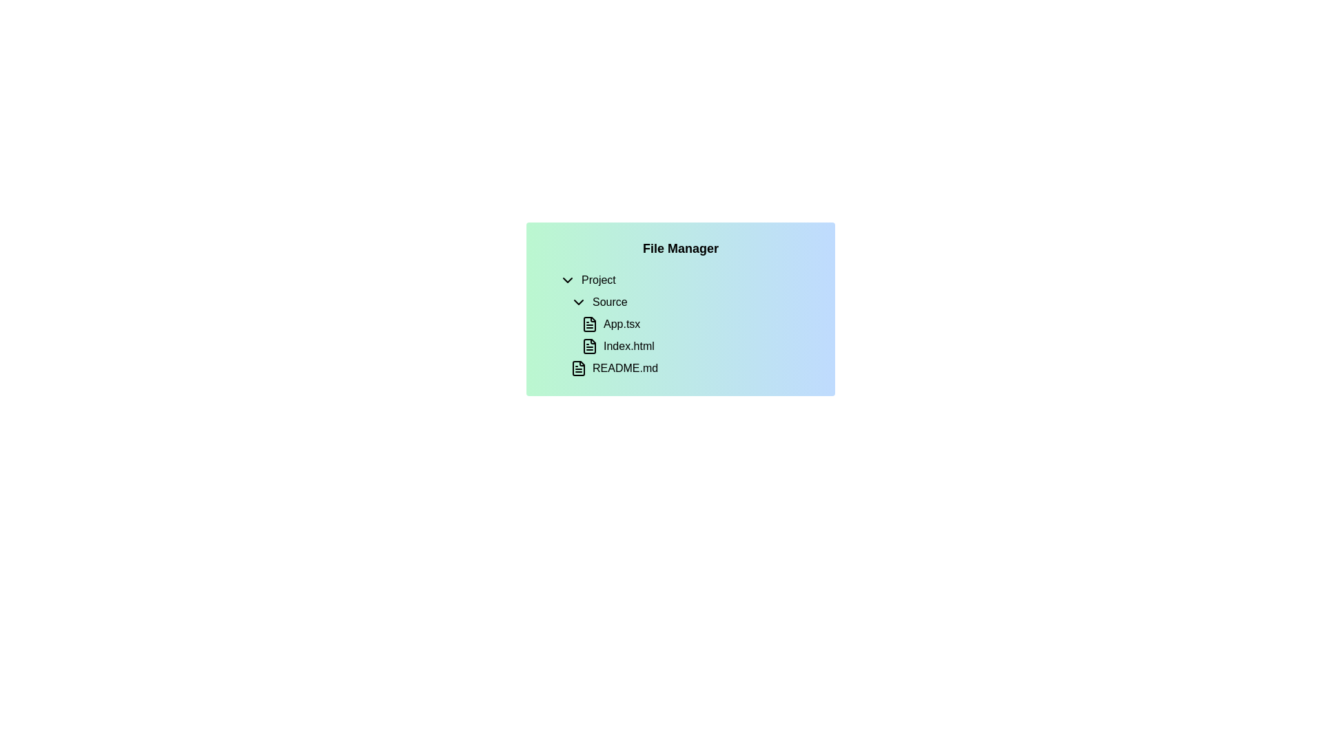  Describe the element at coordinates (628, 345) in the screenshot. I see `the text label representing the file 'Index.html' in the file structure viewer` at that location.